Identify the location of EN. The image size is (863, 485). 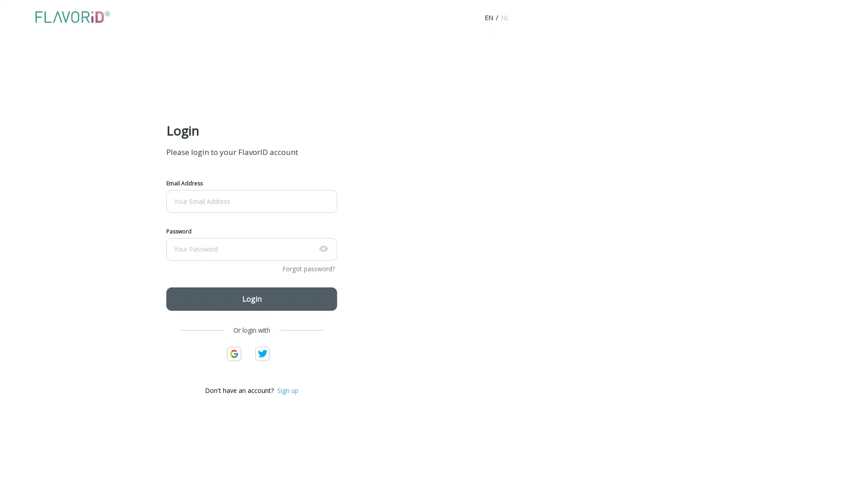
(488, 18).